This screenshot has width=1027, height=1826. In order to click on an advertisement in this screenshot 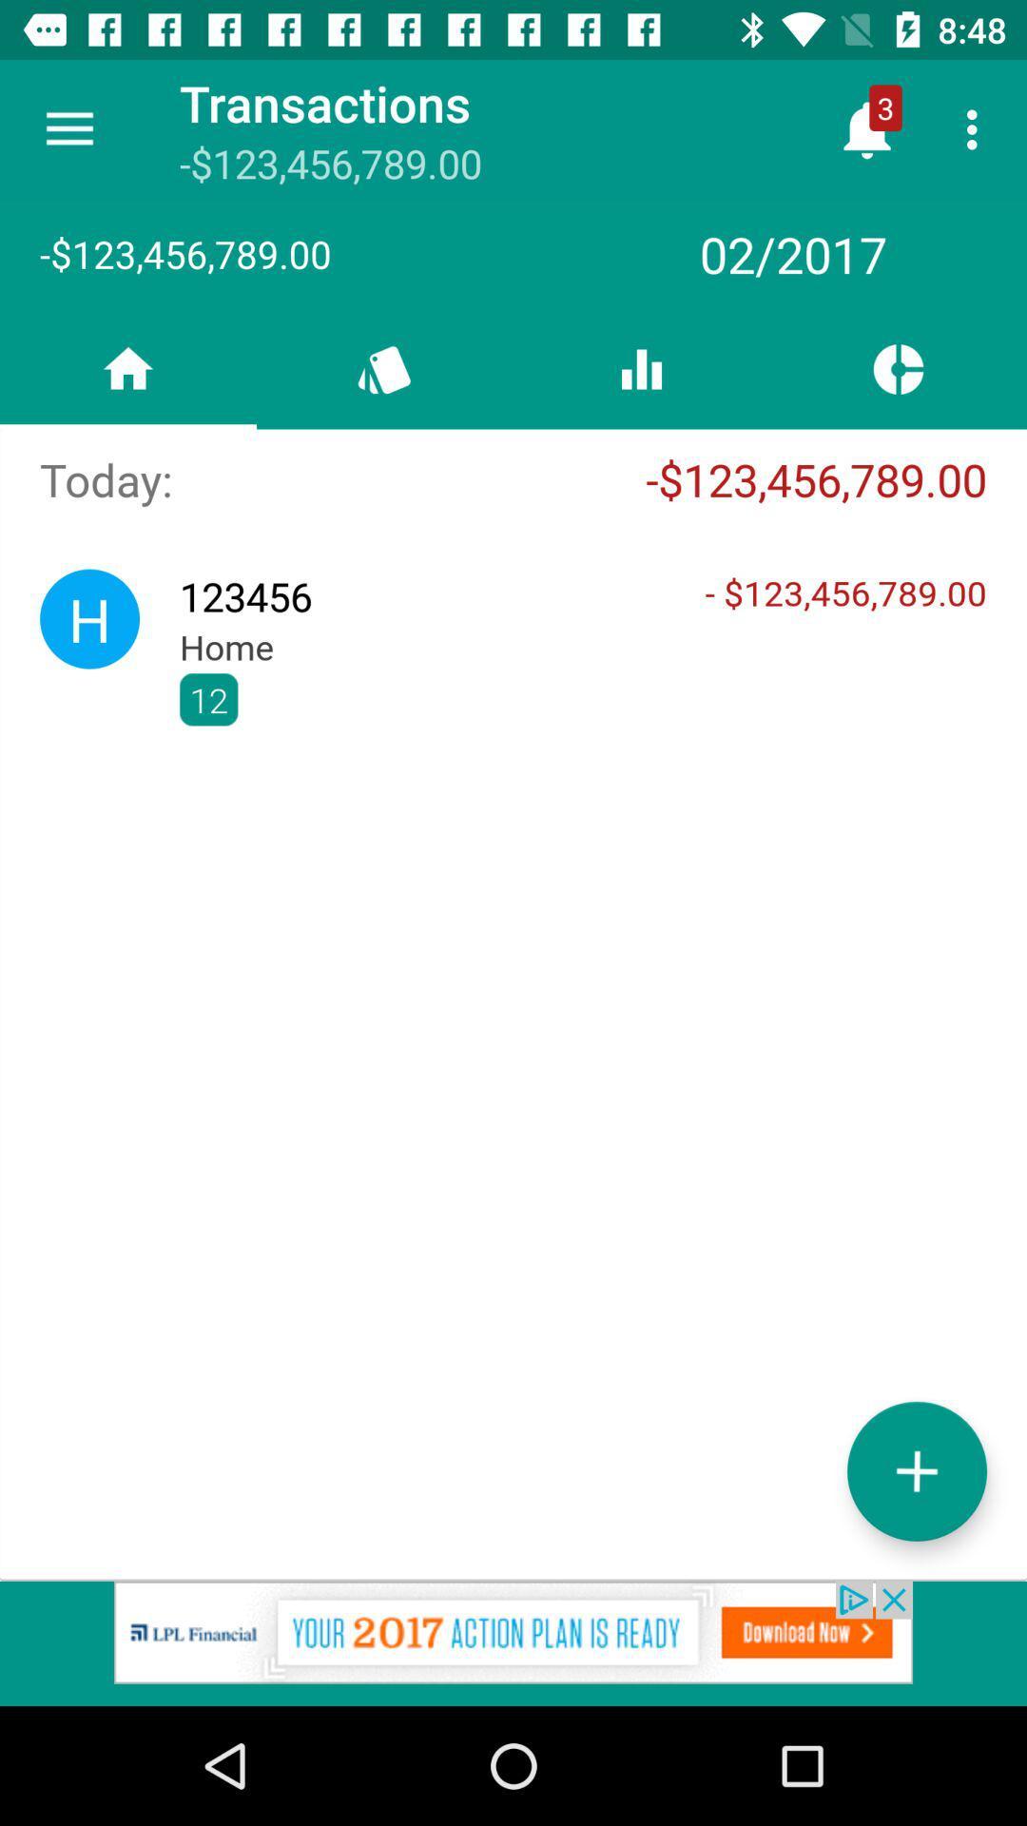, I will do `click(513, 1642)`.